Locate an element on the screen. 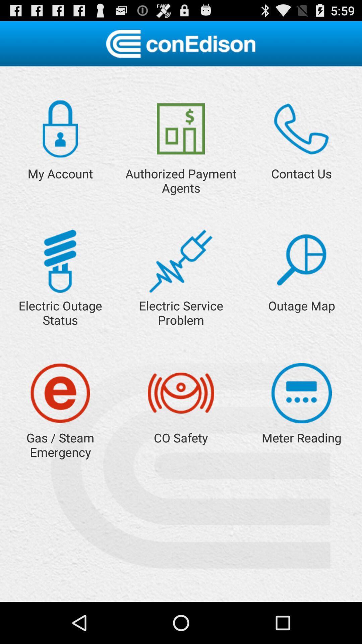 This screenshot has height=644, width=362. report electric service problem is located at coordinates (181, 261).